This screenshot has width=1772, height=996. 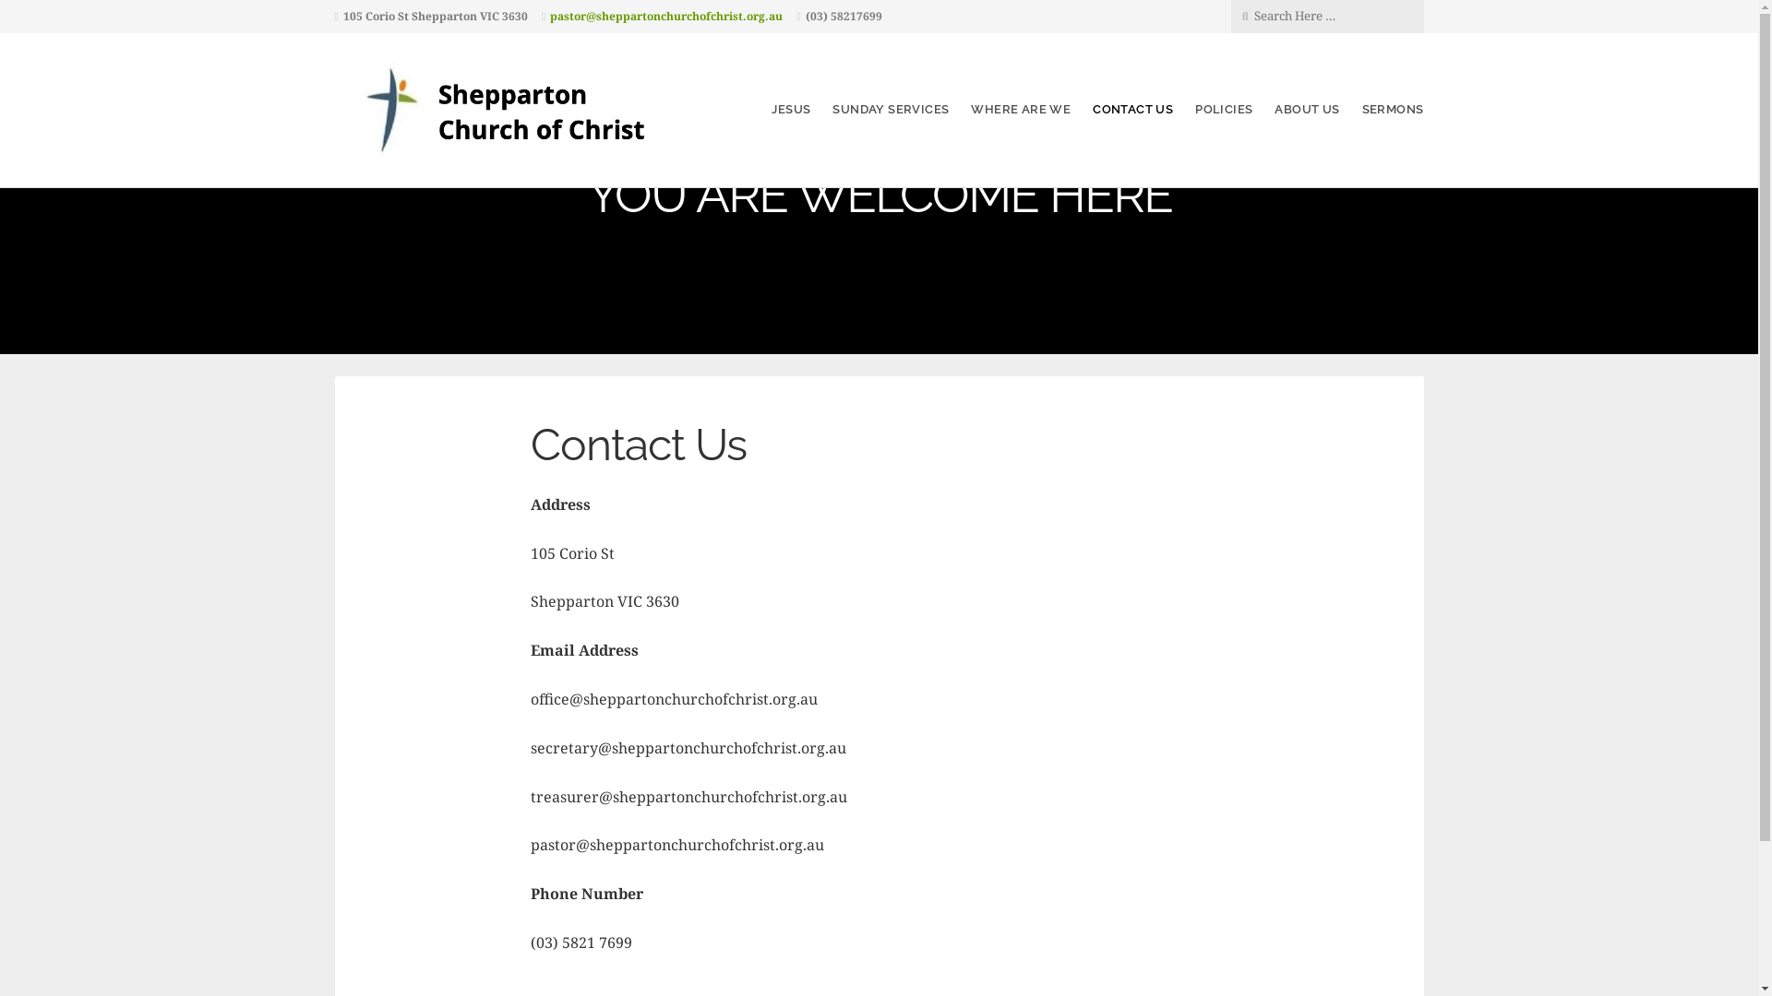 I want to click on 'pastor@sheppartonchurchofchrist.org.au', so click(x=664, y=16).